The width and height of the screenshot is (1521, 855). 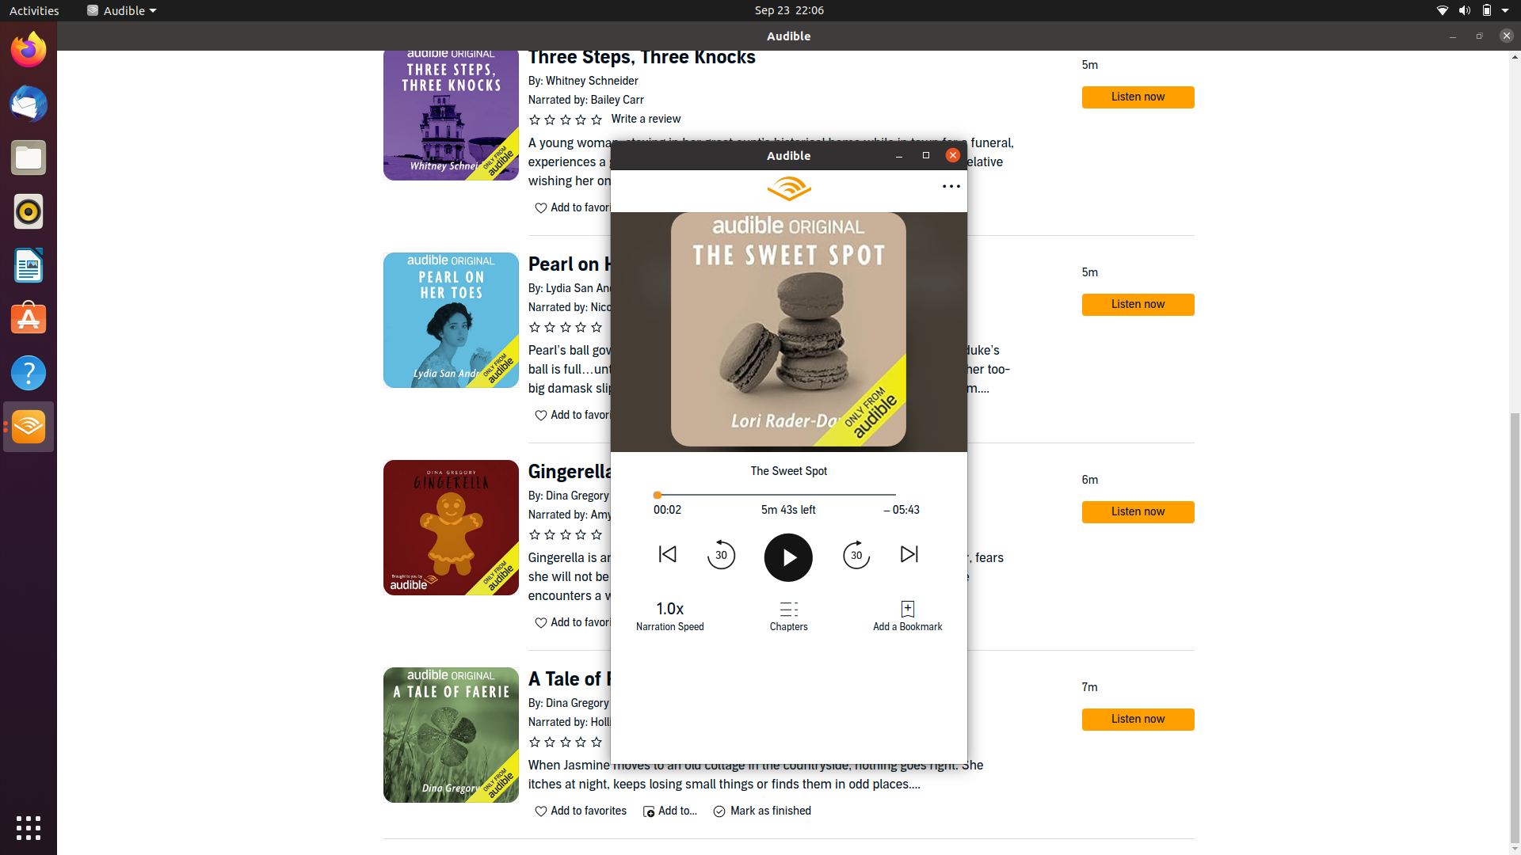 What do you see at coordinates (950, 186) in the screenshot?
I see `the preceding item in the additional options list` at bounding box center [950, 186].